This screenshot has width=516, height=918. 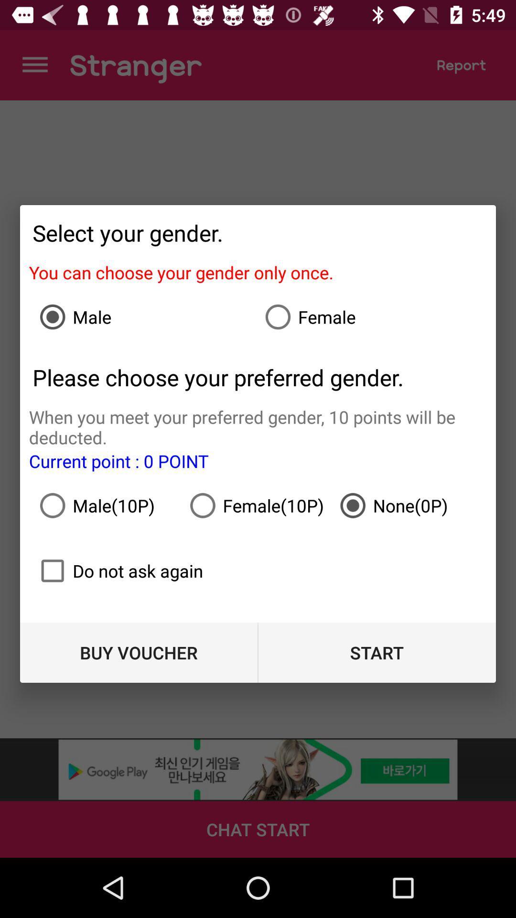 I want to click on icon above the do not ask, so click(x=257, y=505).